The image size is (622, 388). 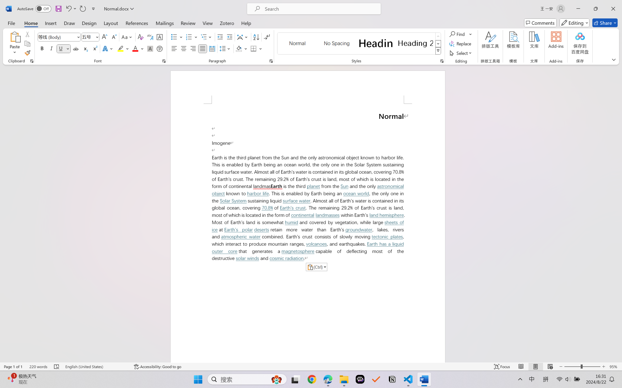 I want to click on 'Justify', so click(x=202, y=48).